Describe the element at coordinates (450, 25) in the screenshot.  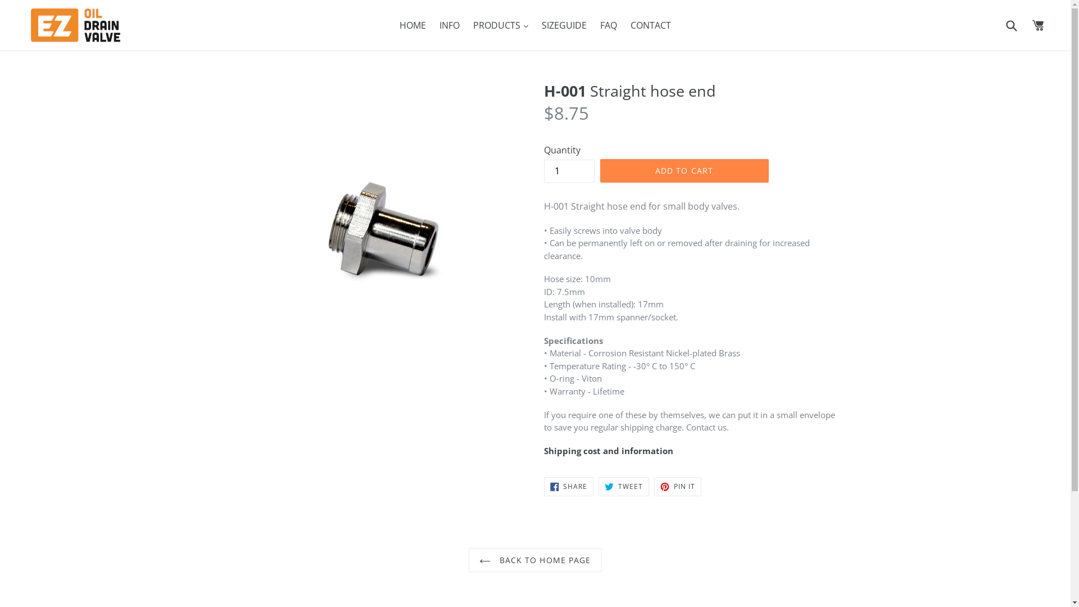
I see `'INFO'` at that location.